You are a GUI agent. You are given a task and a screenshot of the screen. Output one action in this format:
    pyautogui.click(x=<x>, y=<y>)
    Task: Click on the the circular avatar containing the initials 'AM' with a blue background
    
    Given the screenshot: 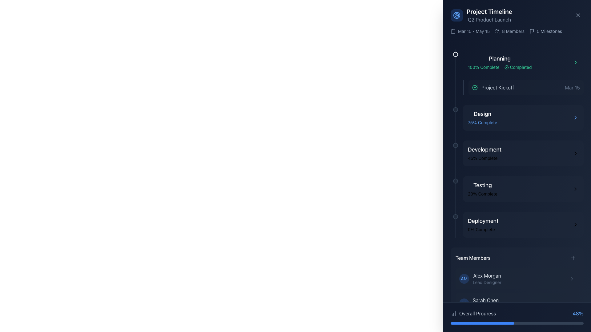 What is the action you would take?
    pyautogui.click(x=480, y=279)
    